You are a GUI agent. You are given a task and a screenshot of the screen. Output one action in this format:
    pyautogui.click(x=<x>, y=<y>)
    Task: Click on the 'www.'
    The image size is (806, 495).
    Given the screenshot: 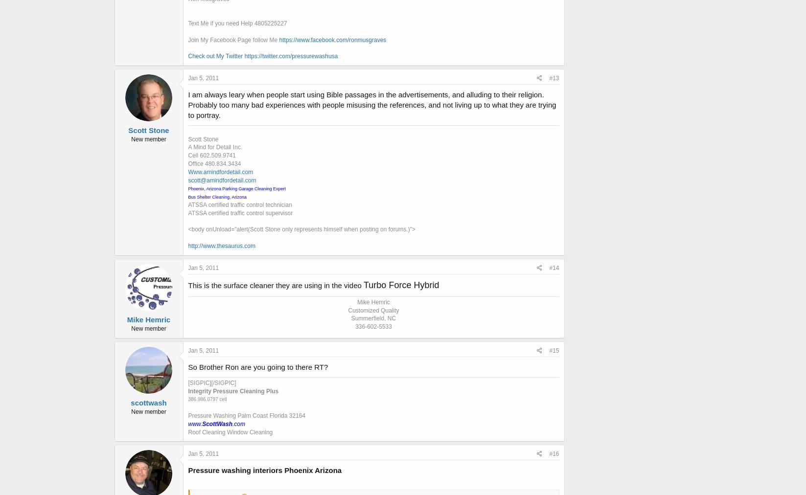 What is the action you would take?
    pyautogui.click(x=195, y=423)
    